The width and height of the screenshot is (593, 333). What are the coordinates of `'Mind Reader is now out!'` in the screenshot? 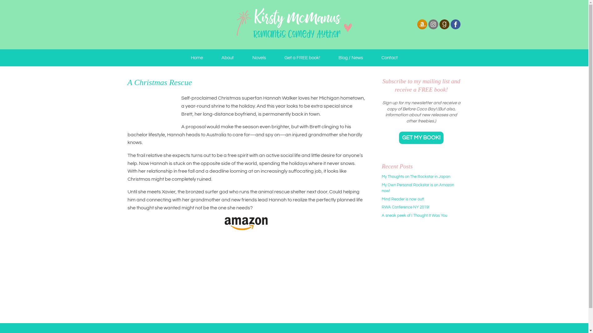 It's located at (403, 199).